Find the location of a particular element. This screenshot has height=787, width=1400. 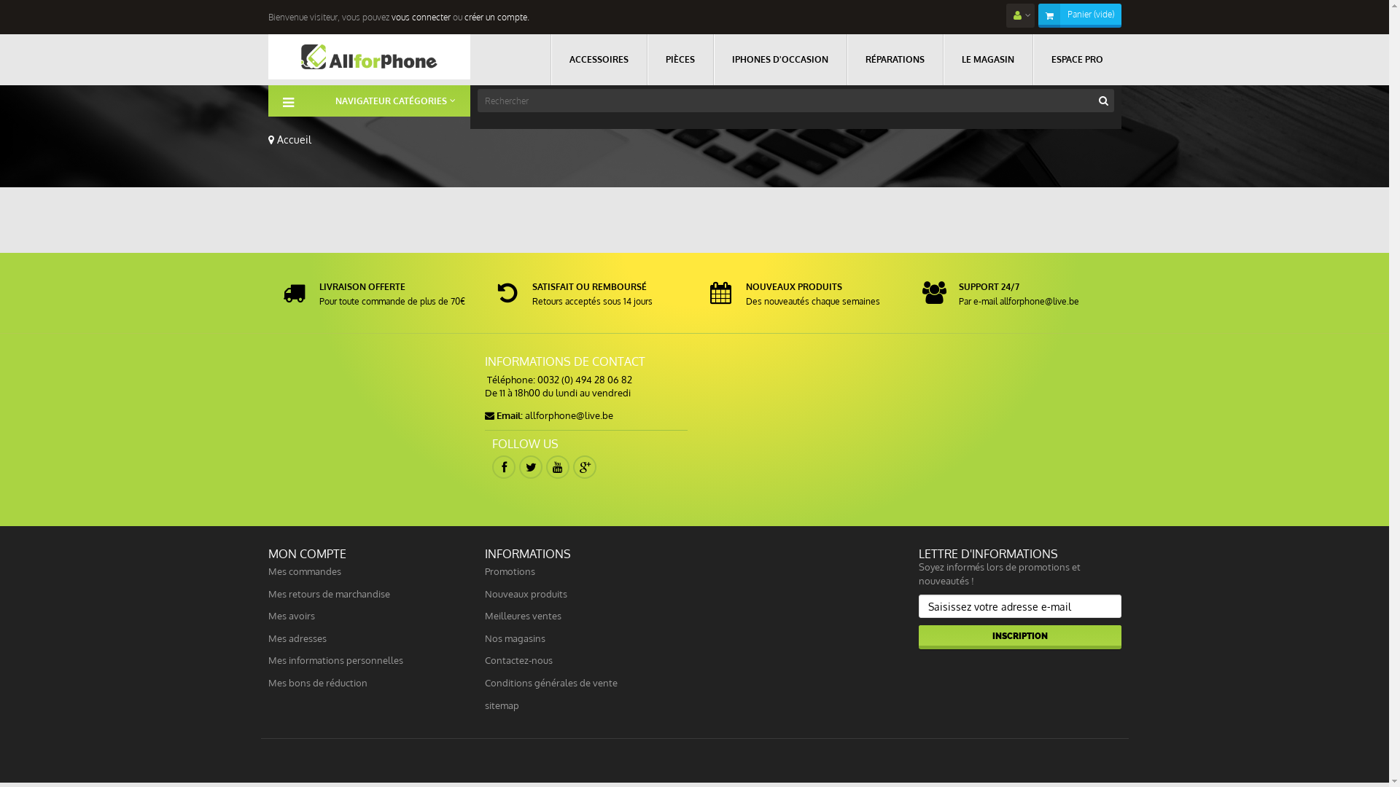

'Contactez-nous' is located at coordinates (518, 660).